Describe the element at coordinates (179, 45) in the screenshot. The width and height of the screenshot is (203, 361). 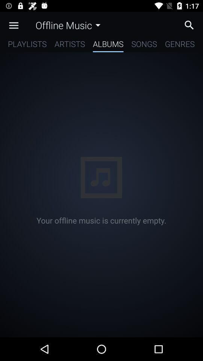
I see `the genres icon` at that location.